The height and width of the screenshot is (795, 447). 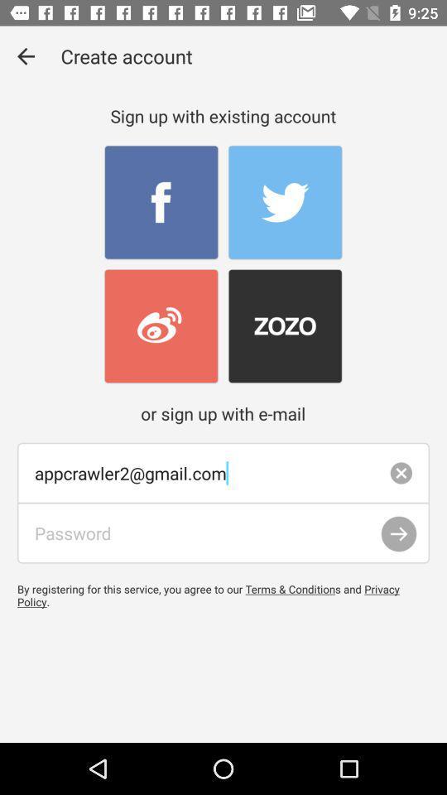 What do you see at coordinates (161, 325) in the screenshot?
I see `login with existing account` at bounding box center [161, 325].